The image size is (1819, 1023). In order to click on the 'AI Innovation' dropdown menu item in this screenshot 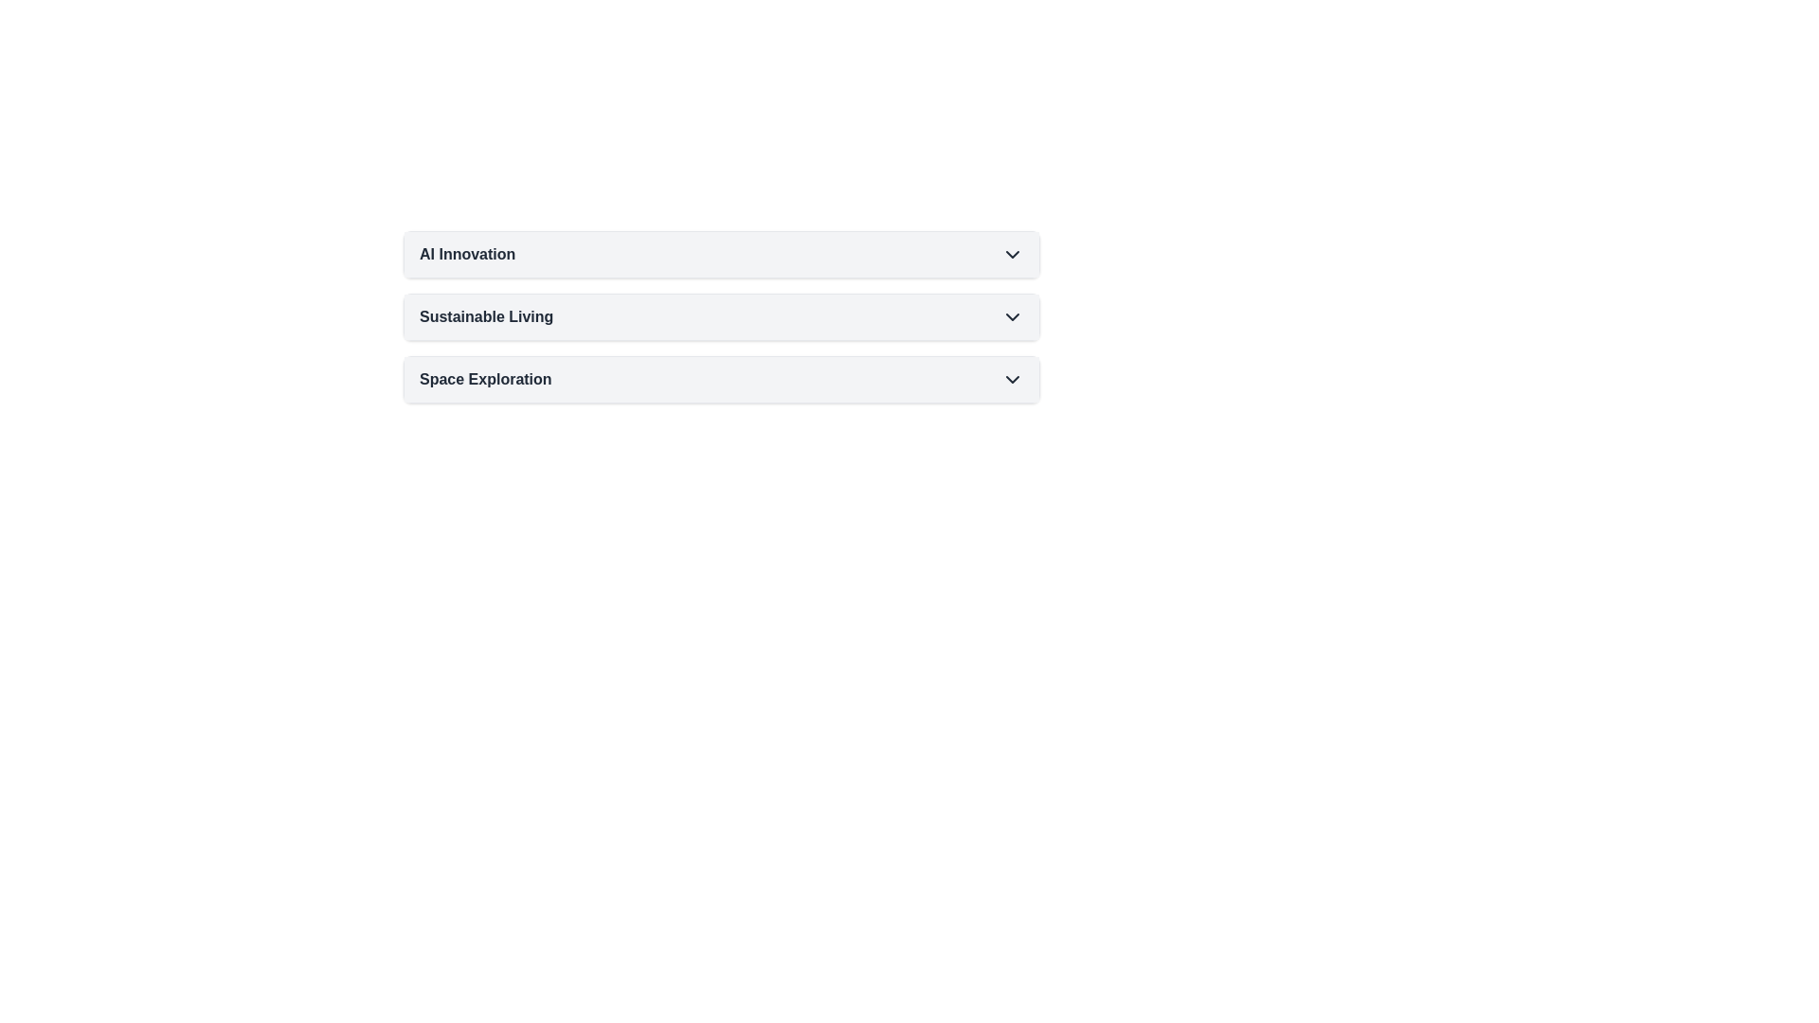, I will do `click(721, 254)`.